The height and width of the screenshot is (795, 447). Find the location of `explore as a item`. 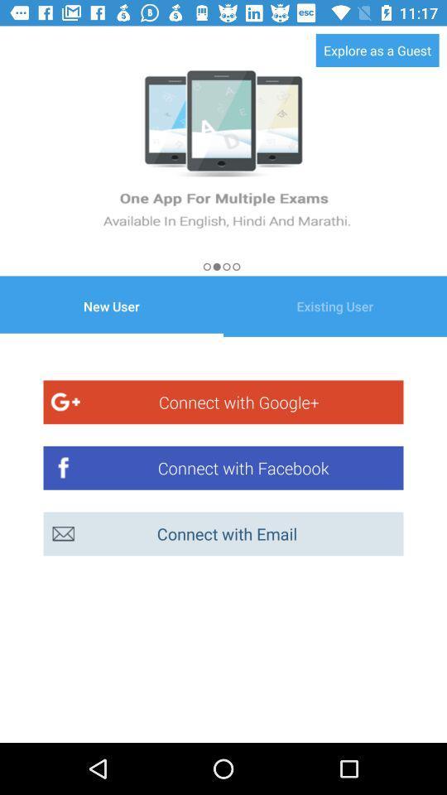

explore as a item is located at coordinates (377, 49).